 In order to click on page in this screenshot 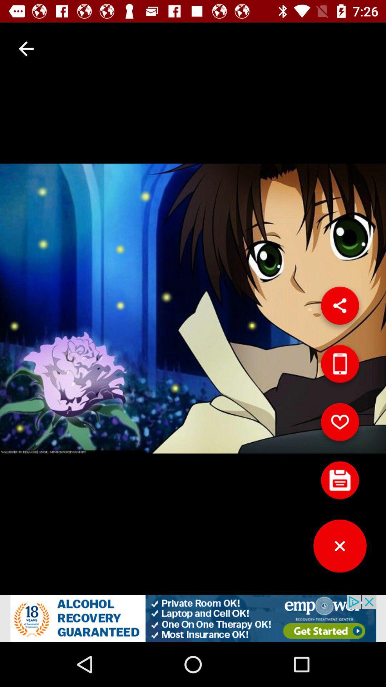, I will do `click(340, 549)`.